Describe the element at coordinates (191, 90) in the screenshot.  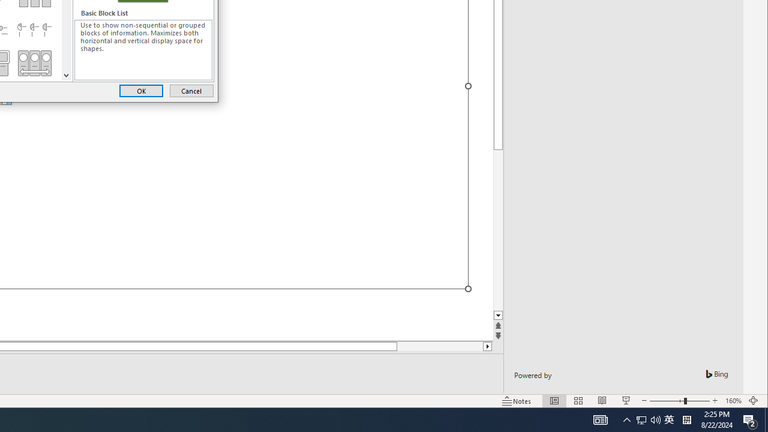
I see `'Cancel'` at that location.